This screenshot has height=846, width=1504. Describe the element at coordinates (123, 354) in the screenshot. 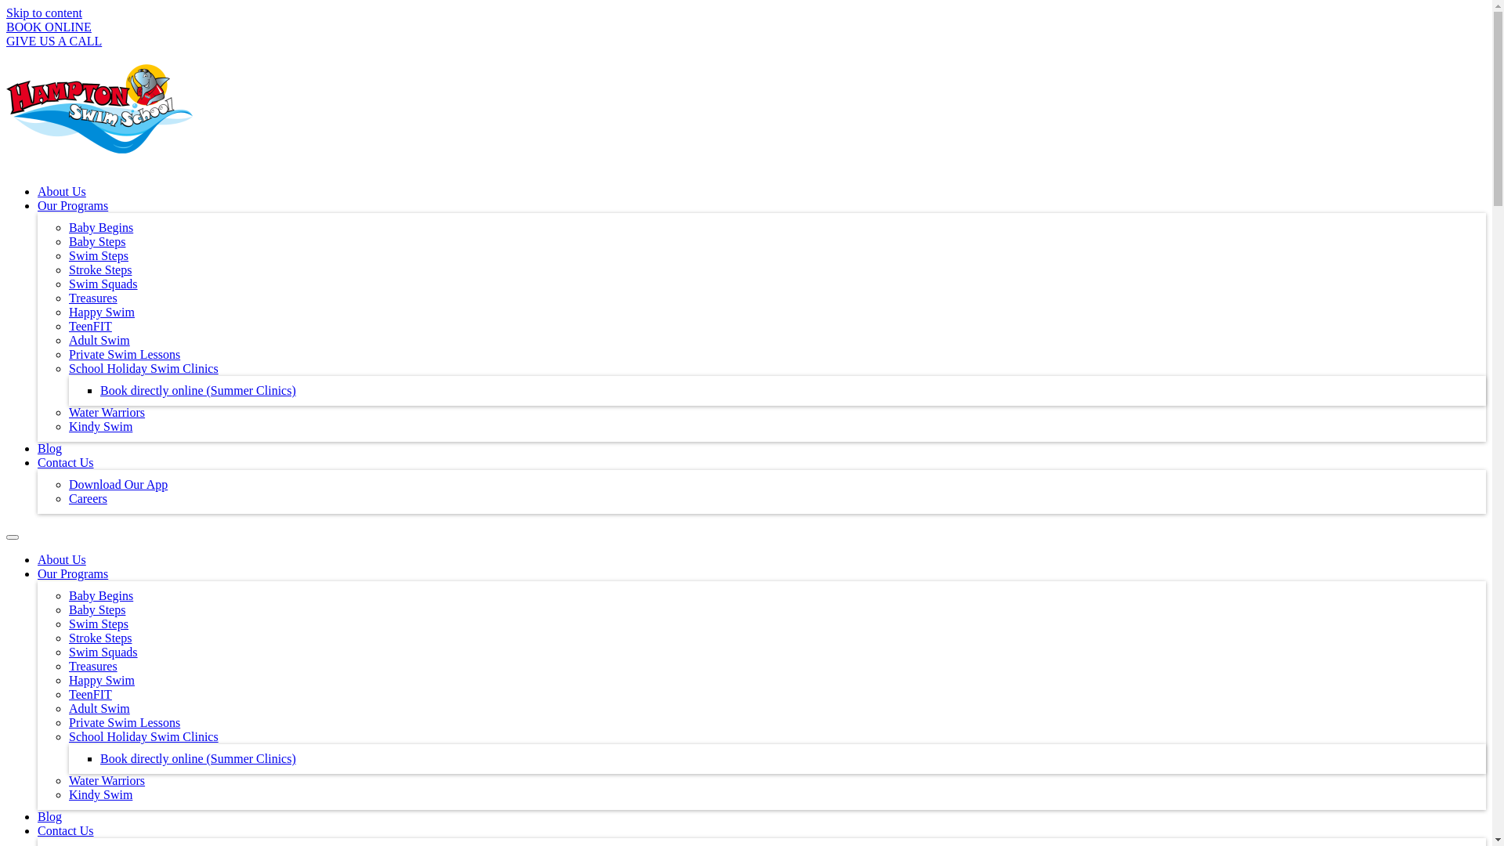

I see `'Private Swim Lessons'` at that location.